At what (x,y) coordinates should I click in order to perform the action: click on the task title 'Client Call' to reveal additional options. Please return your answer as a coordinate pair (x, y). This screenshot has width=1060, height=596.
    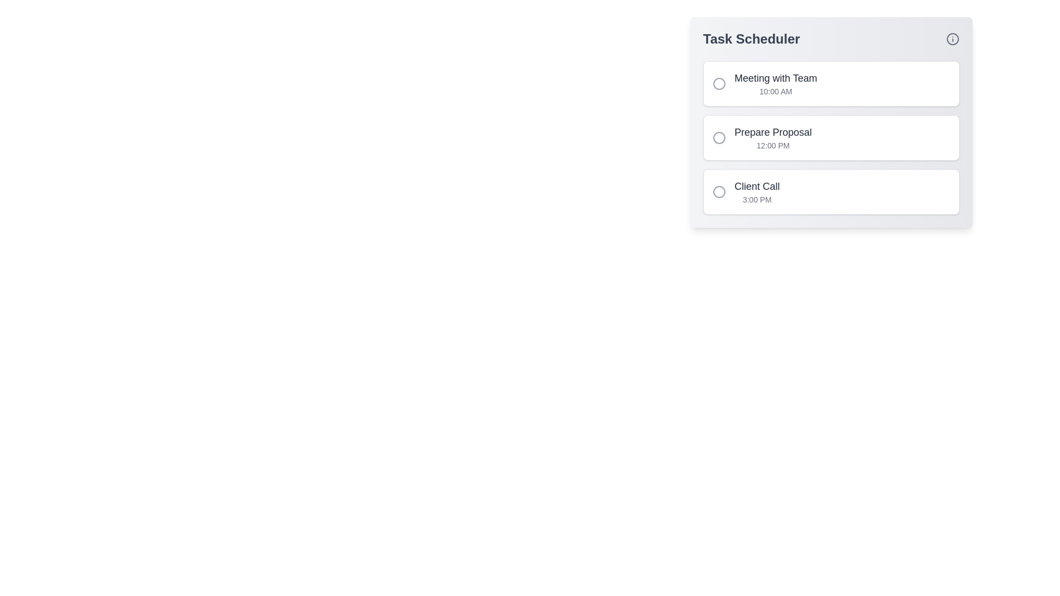
    Looking at the image, I should click on (756, 186).